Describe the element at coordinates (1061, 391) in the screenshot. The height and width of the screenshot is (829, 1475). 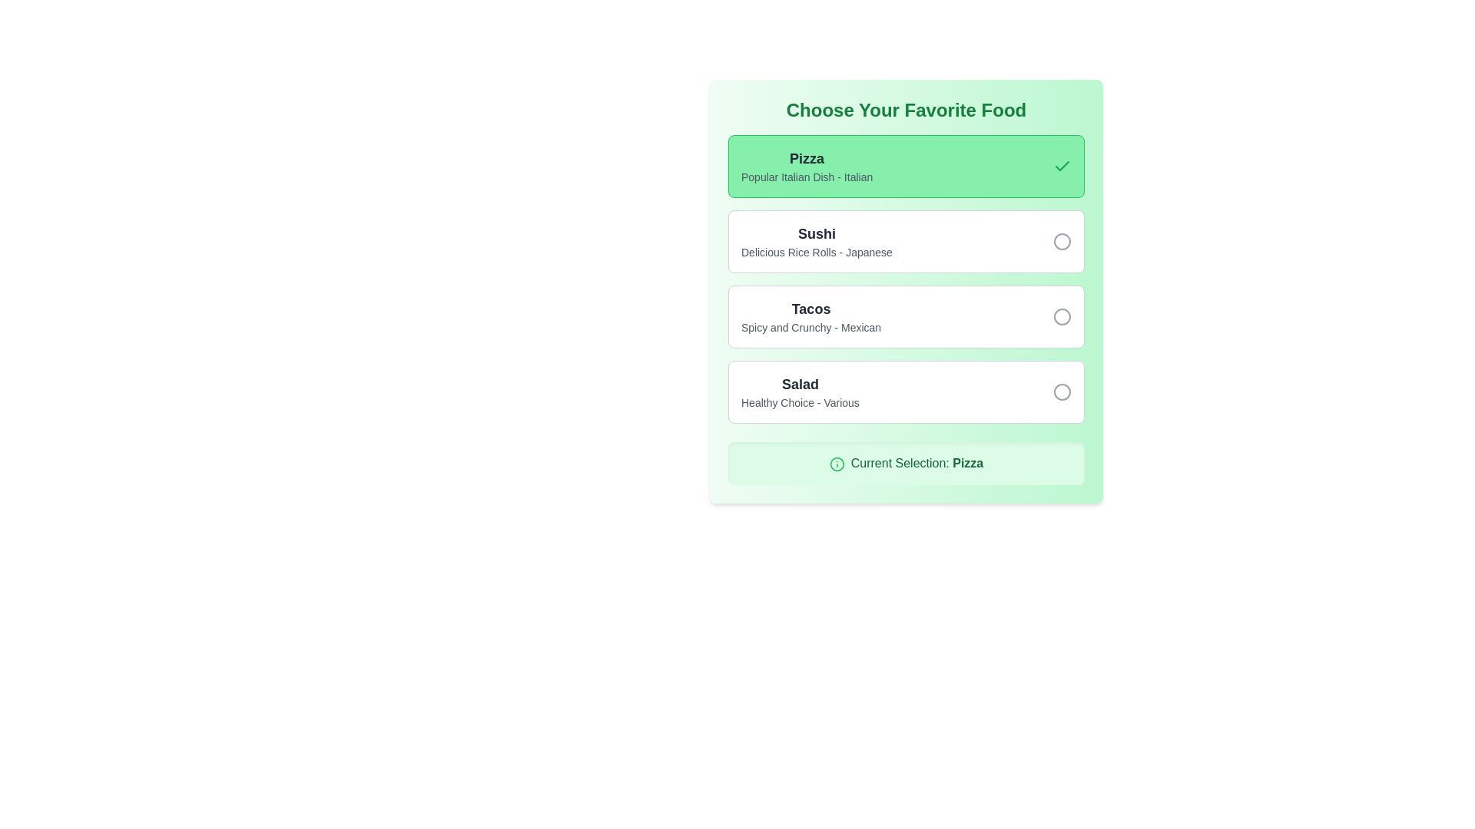
I see `the circular radio button selector for the 'Salad' choice` at that location.